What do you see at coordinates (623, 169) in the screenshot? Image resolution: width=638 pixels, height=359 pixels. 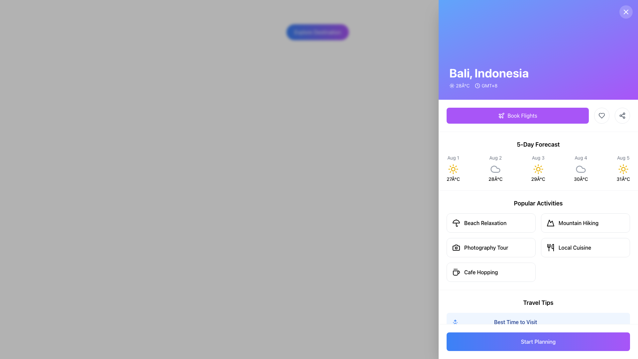 I see `the sun icon in the '5-Day Forecast' section, which represents the weather for August 5, indicated by its yellow color and minimalistic design` at bounding box center [623, 169].